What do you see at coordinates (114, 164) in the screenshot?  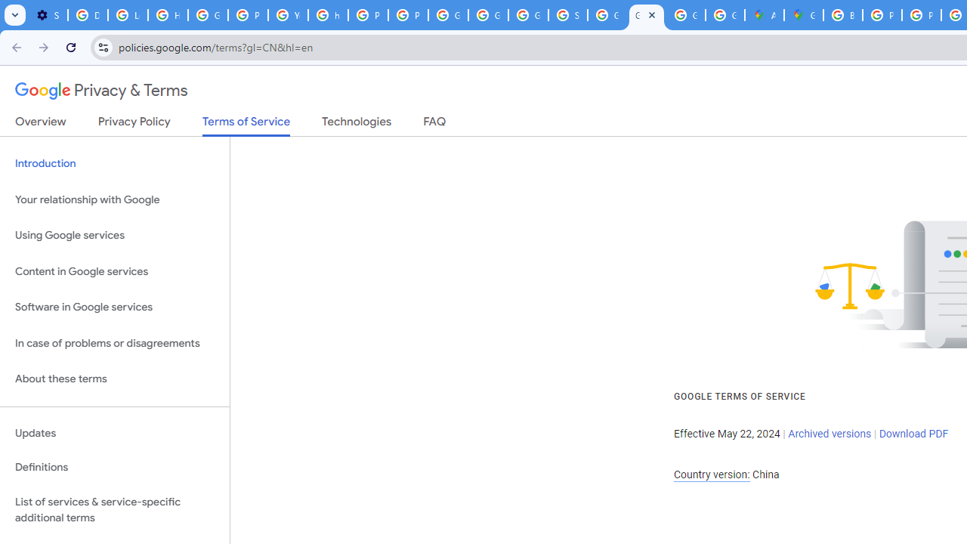 I see `'Introduction'` at bounding box center [114, 164].